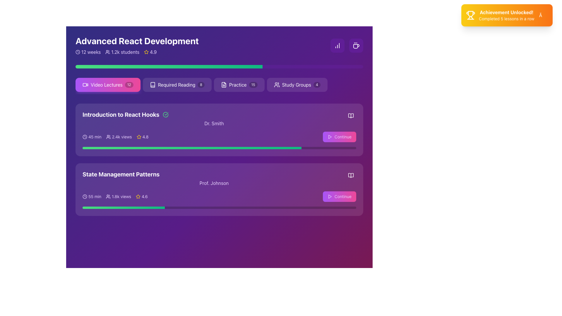 The width and height of the screenshot is (562, 316). I want to click on the lower right corner of the book icon in the second course card, so click(351, 175).